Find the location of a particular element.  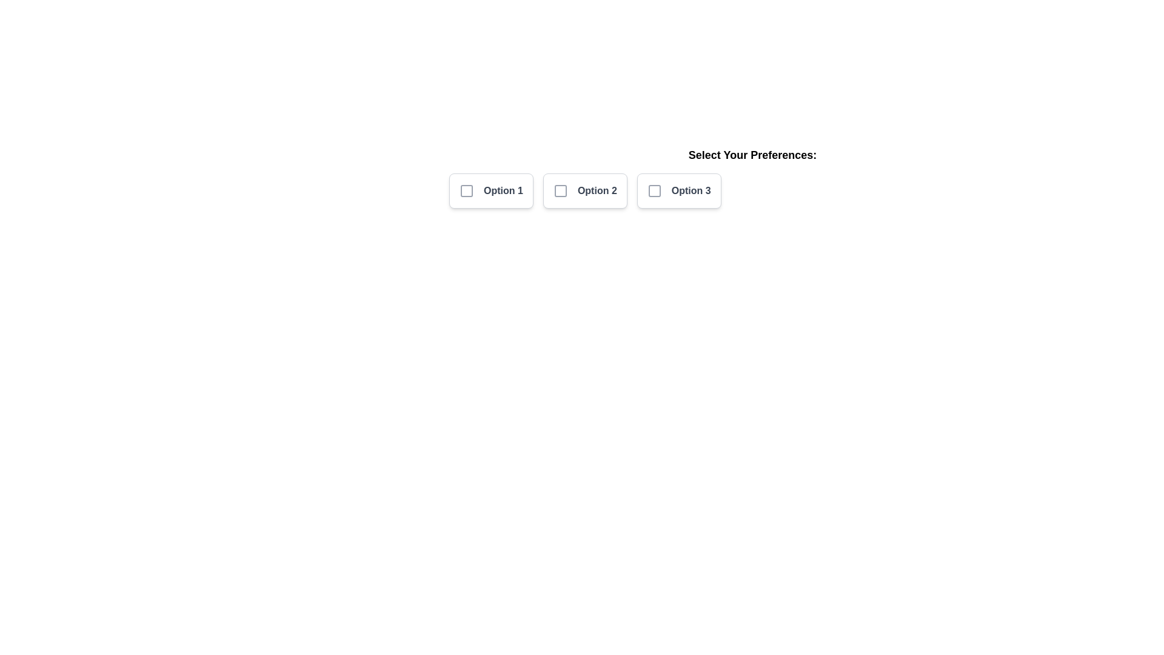

the checkbox located to the immediate left of the text 'Option 3' is located at coordinates (654, 191).